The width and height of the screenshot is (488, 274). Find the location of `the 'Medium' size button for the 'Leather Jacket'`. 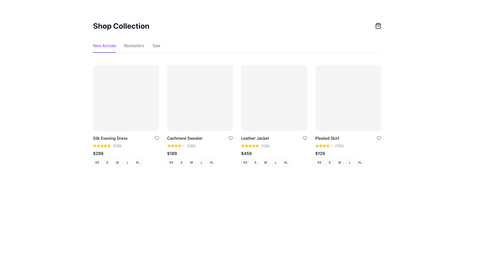

the 'Medium' size button for the 'Leather Jacket' is located at coordinates (265, 162).